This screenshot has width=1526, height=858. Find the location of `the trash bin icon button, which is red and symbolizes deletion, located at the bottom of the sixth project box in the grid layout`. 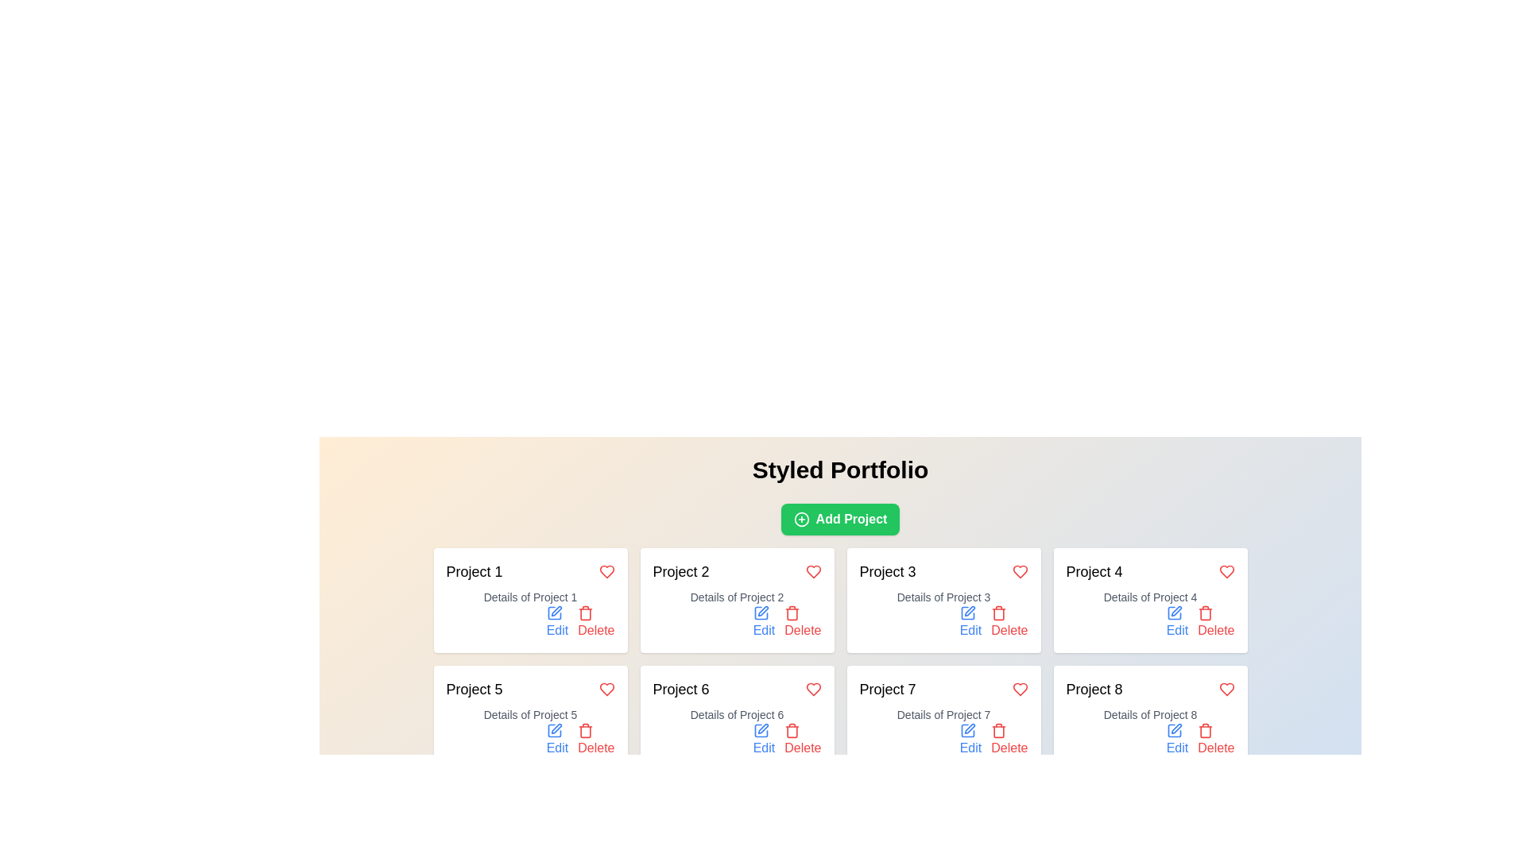

the trash bin icon button, which is red and symbolizes deletion, located at the bottom of the sixth project box in the grid layout is located at coordinates (792, 731).